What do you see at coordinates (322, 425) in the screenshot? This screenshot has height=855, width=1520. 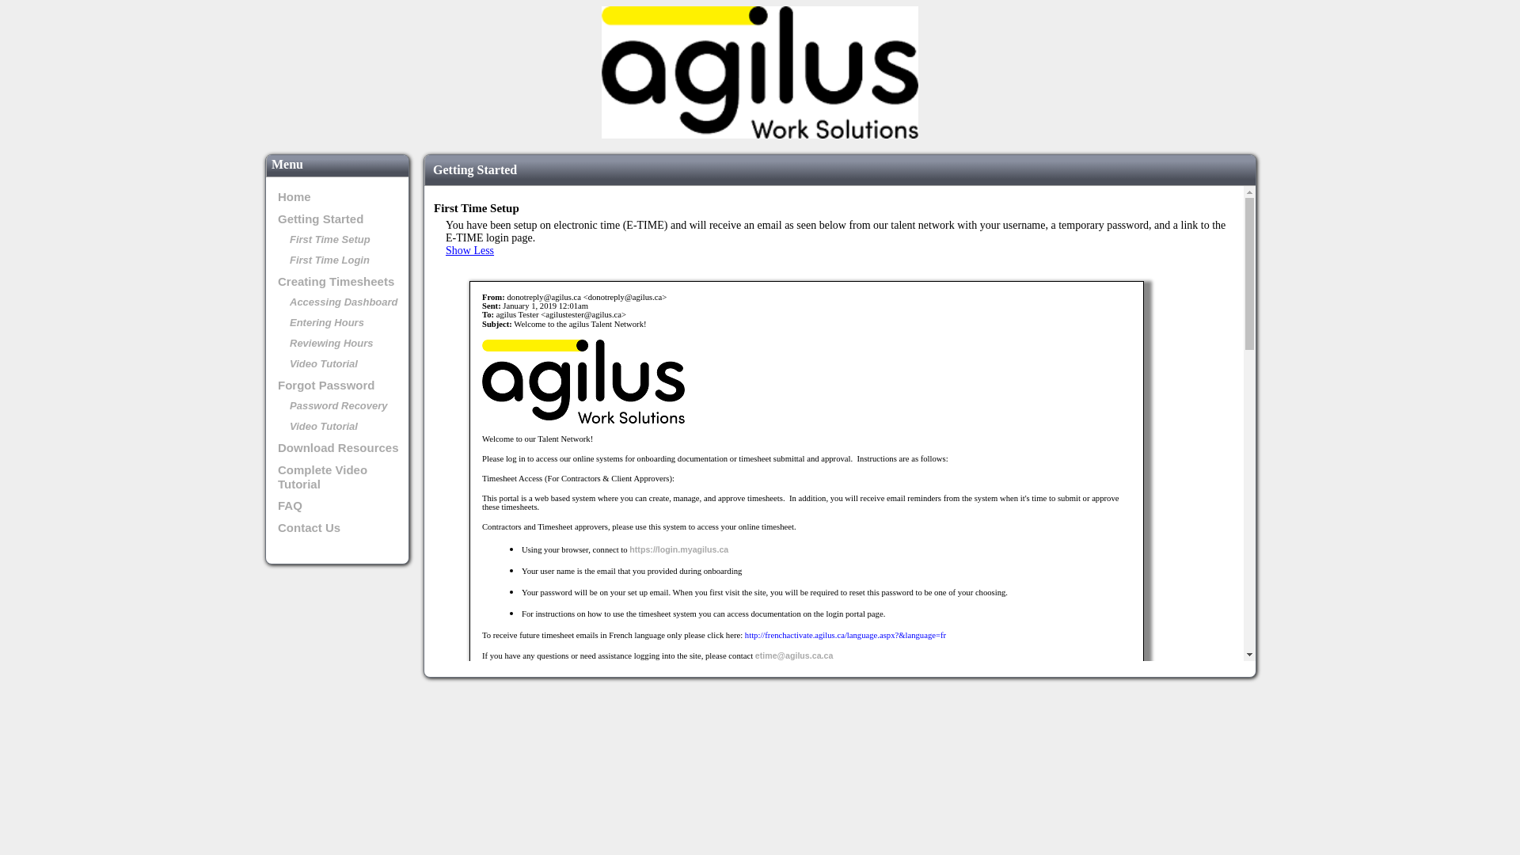 I see `'Video Tutorial'` at bounding box center [322, 425].